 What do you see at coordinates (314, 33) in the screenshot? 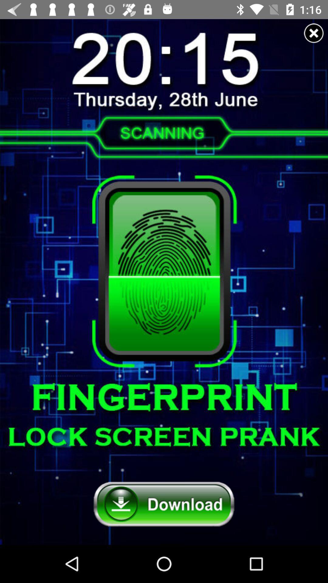
I see `close` at bounding box center [314, 33].